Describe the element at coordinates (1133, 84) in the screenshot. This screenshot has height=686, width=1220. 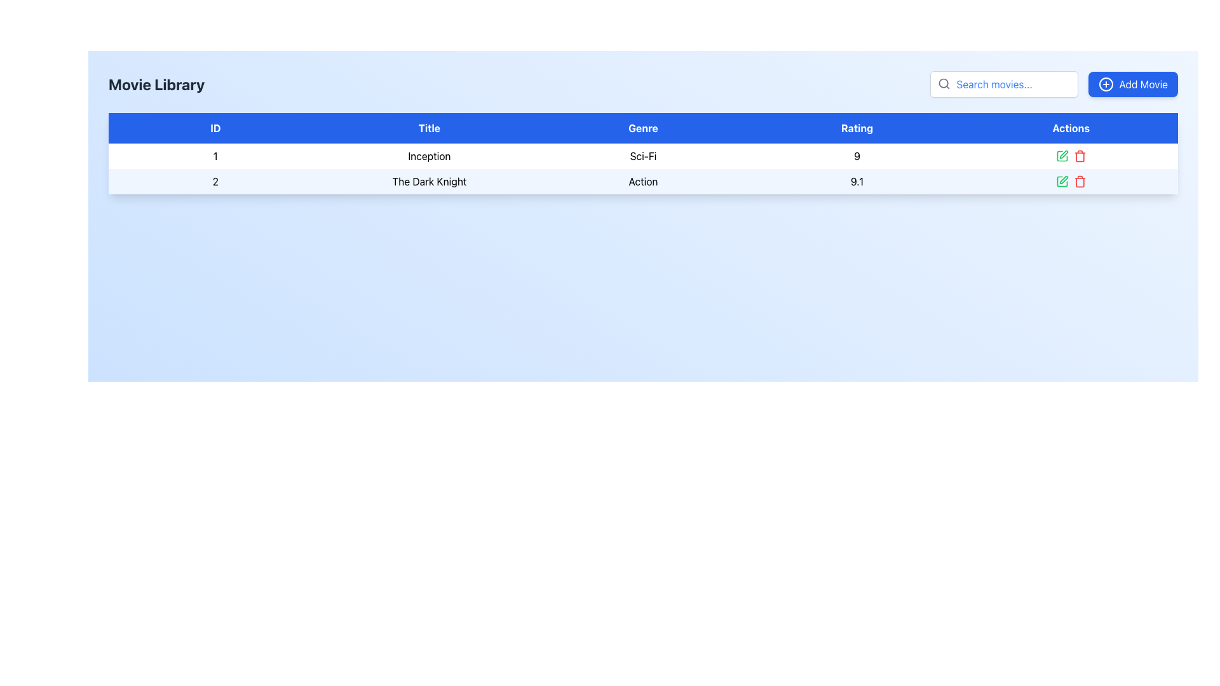
I see `the 'Add Movie' button located in the top-right corner of the interface` at that location.